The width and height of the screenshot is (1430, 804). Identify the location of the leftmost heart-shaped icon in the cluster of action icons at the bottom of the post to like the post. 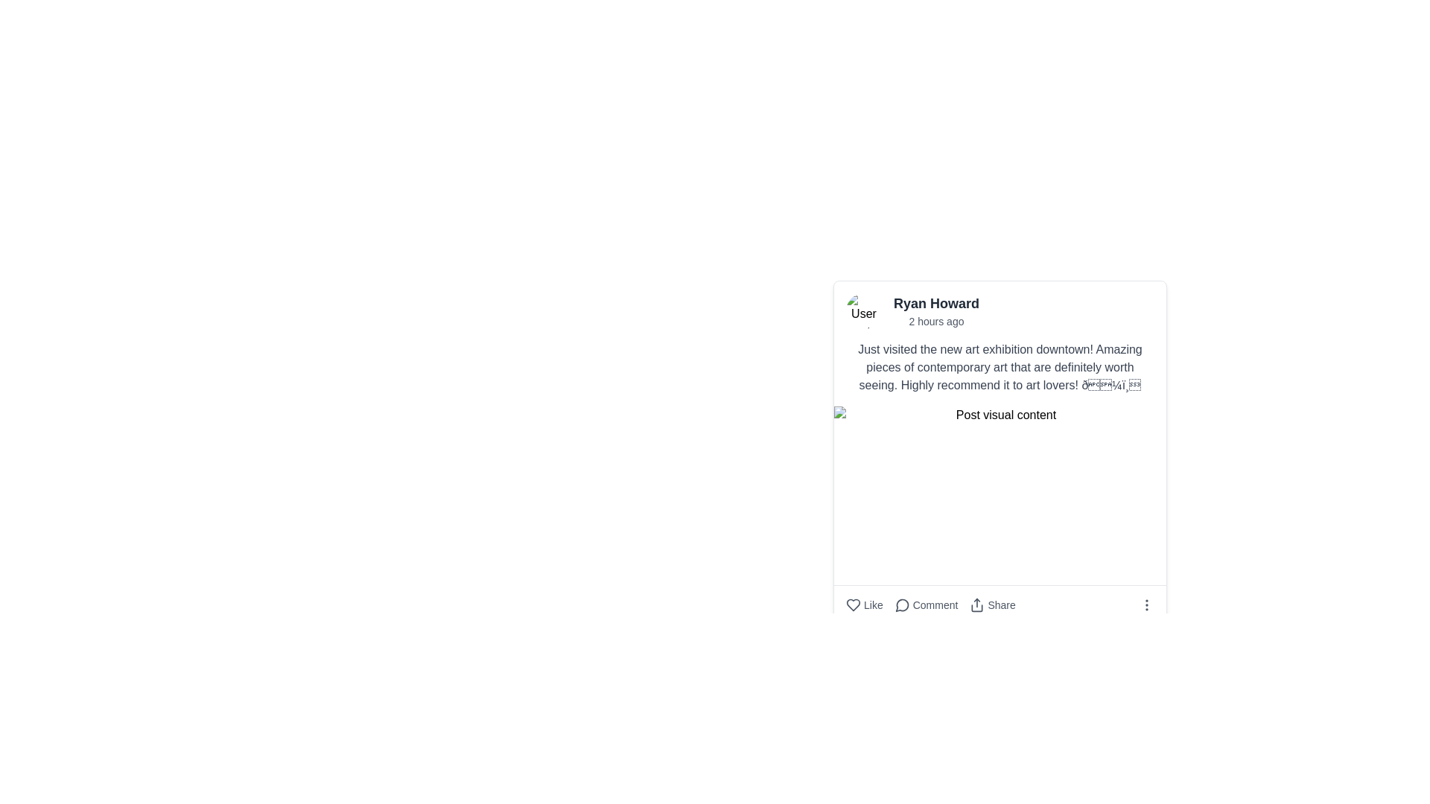
(854, 605).